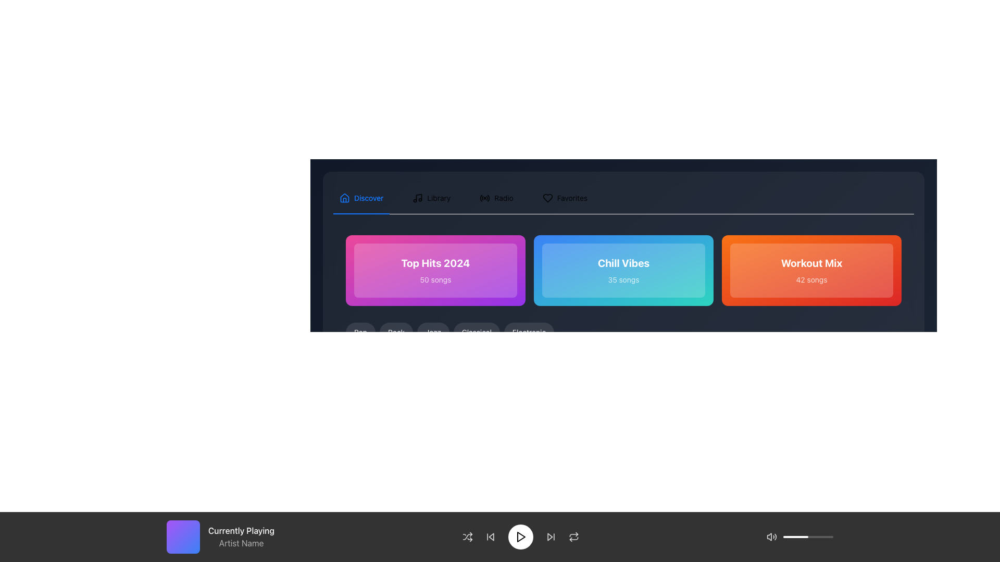 The image size is (1000, 562). I want to click on the third button in the horizontally scrollable genre selector, so click(433, 333).